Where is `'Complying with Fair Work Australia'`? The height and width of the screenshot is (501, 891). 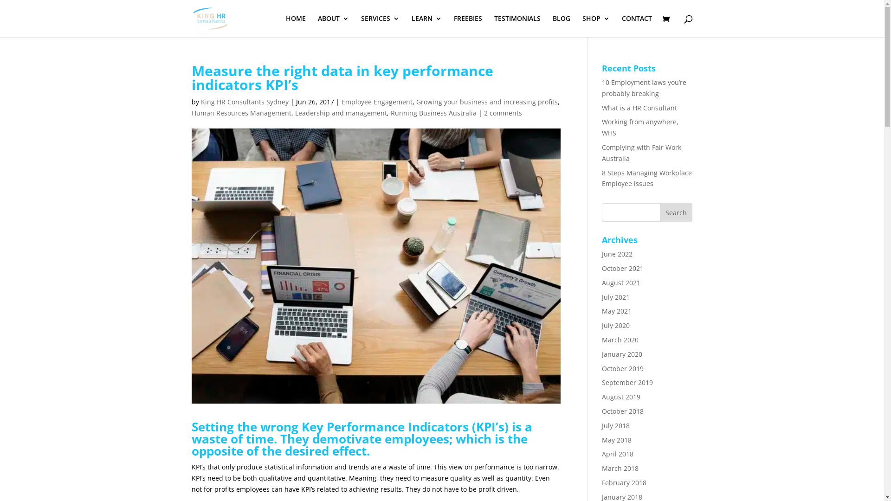
'Complying with Fair Work Australia' is located at coordinates (601, 152).